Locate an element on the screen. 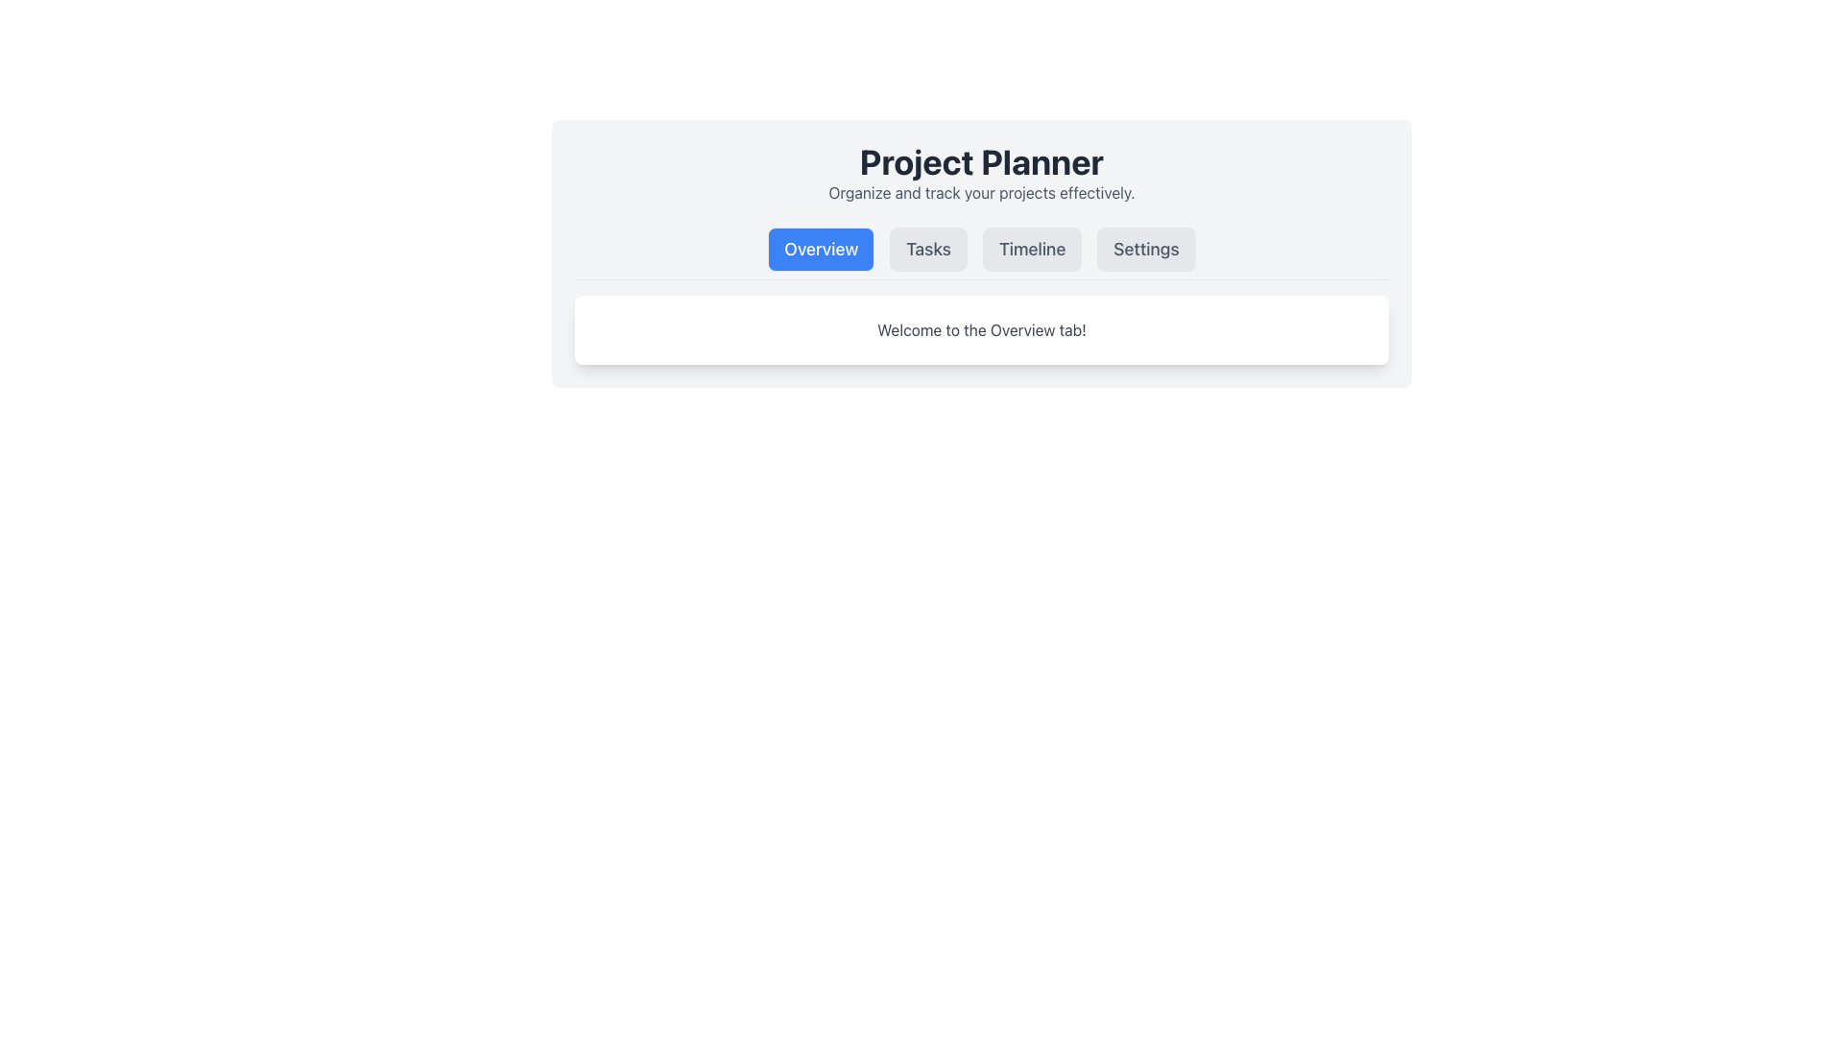 This screenshot has width=1843, height=1037. the prominent blue 'Overview' button located in the top navigation bar is located at coordinates (821, 248).